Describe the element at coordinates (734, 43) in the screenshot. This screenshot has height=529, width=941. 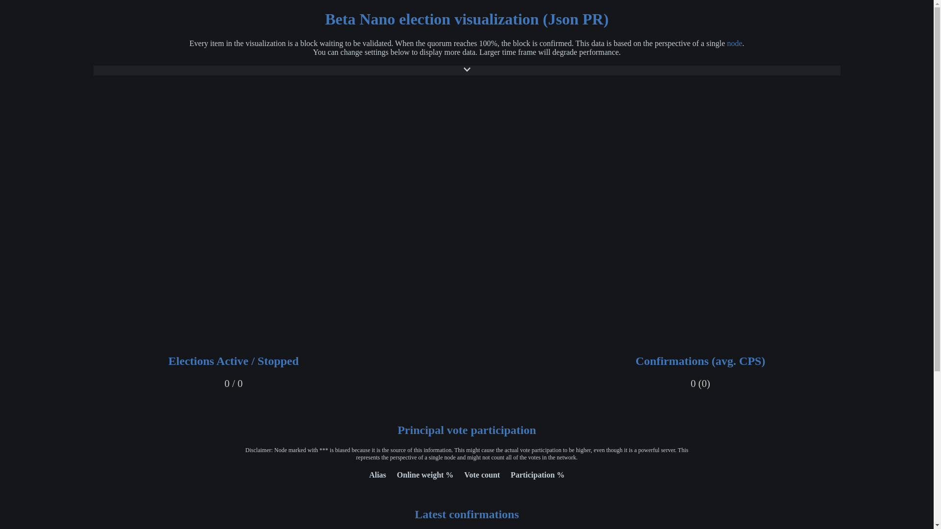
I see `'node'` at that location.